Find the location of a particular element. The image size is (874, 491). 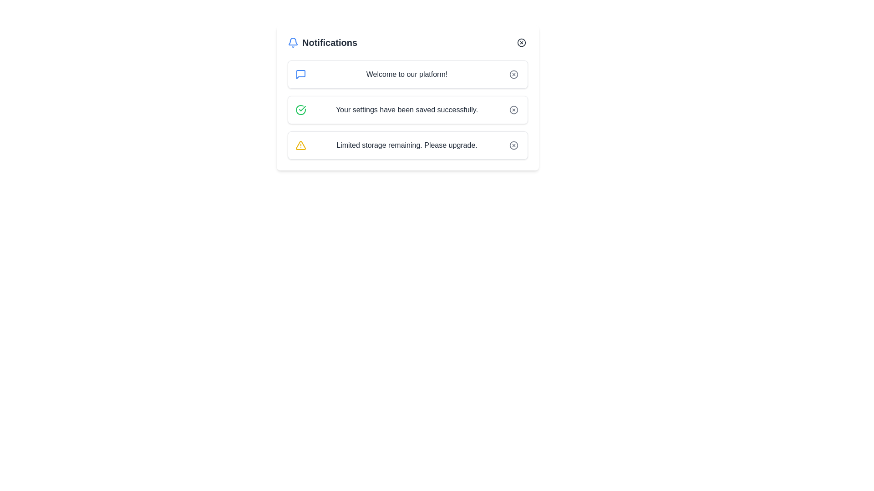

the text label displaying 'Limited storage remaining. Please upgrade.' located in the notification panel, which is the third item in a row with a light yellow background is located at coordinates (406, 145).